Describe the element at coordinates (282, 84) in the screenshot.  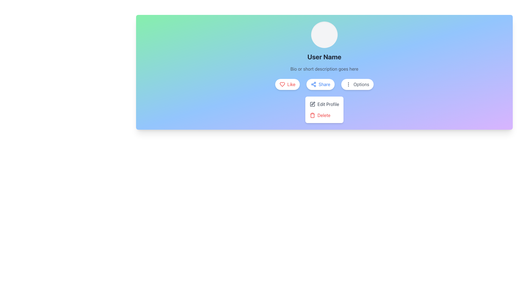
I see `the heart-shaped 'Like' icon` at that location.